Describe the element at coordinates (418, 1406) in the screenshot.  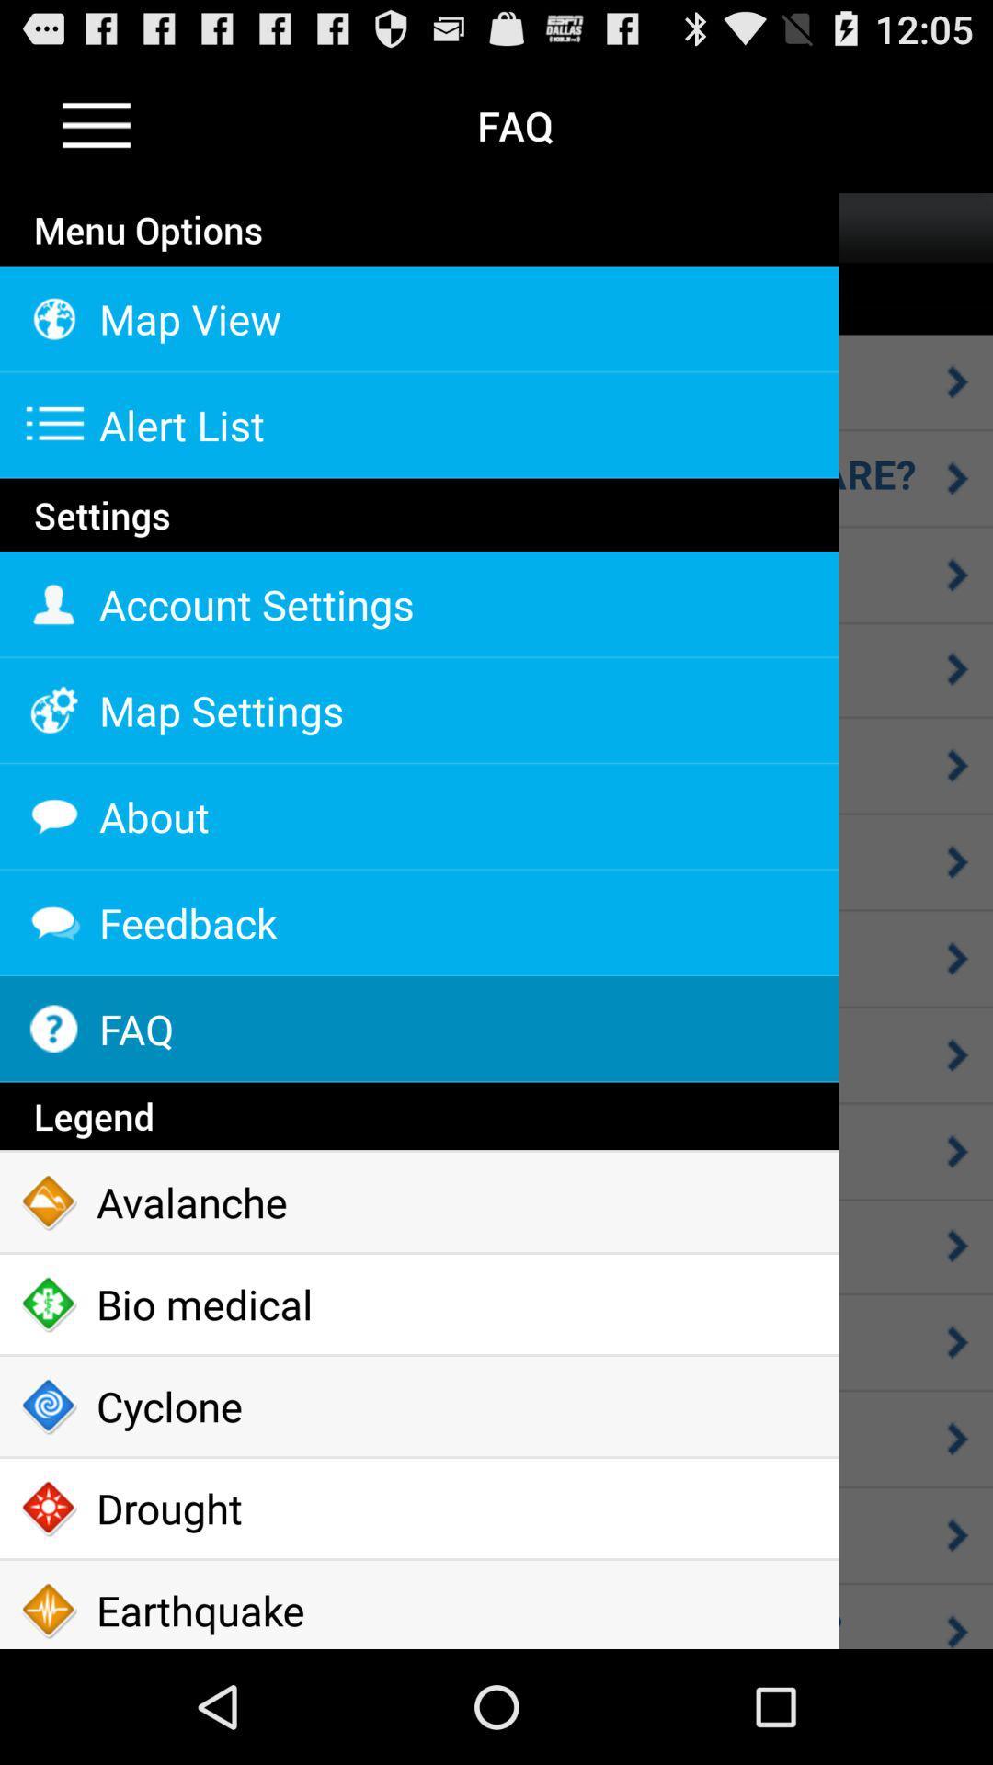
I see `the cyclone icon` at that location.